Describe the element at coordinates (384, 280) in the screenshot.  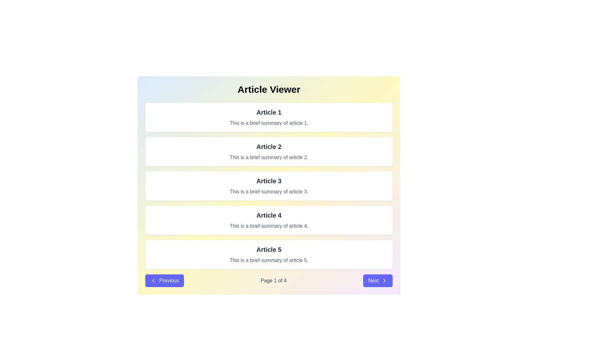
I see `the 'Next' button which contains a right-pointing chevron icon` at that location.